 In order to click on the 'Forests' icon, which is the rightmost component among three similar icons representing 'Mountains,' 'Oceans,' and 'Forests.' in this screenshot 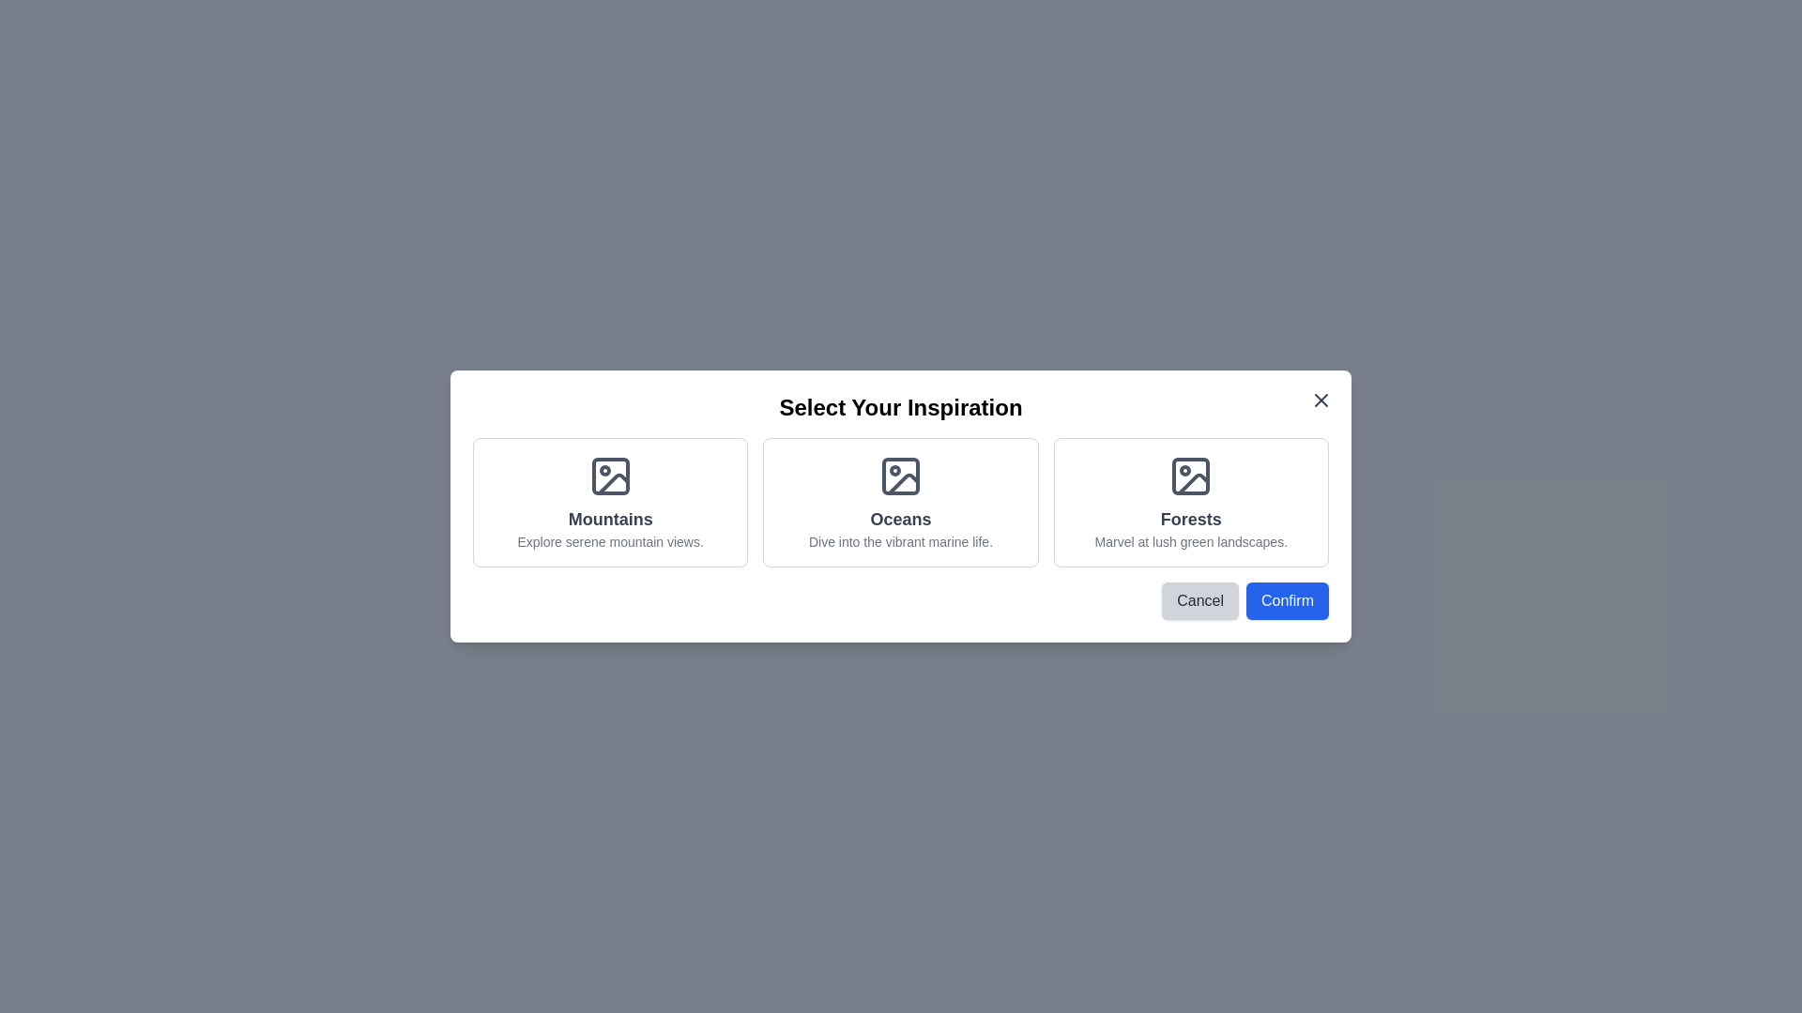, I will do `click(1190, 476)`.